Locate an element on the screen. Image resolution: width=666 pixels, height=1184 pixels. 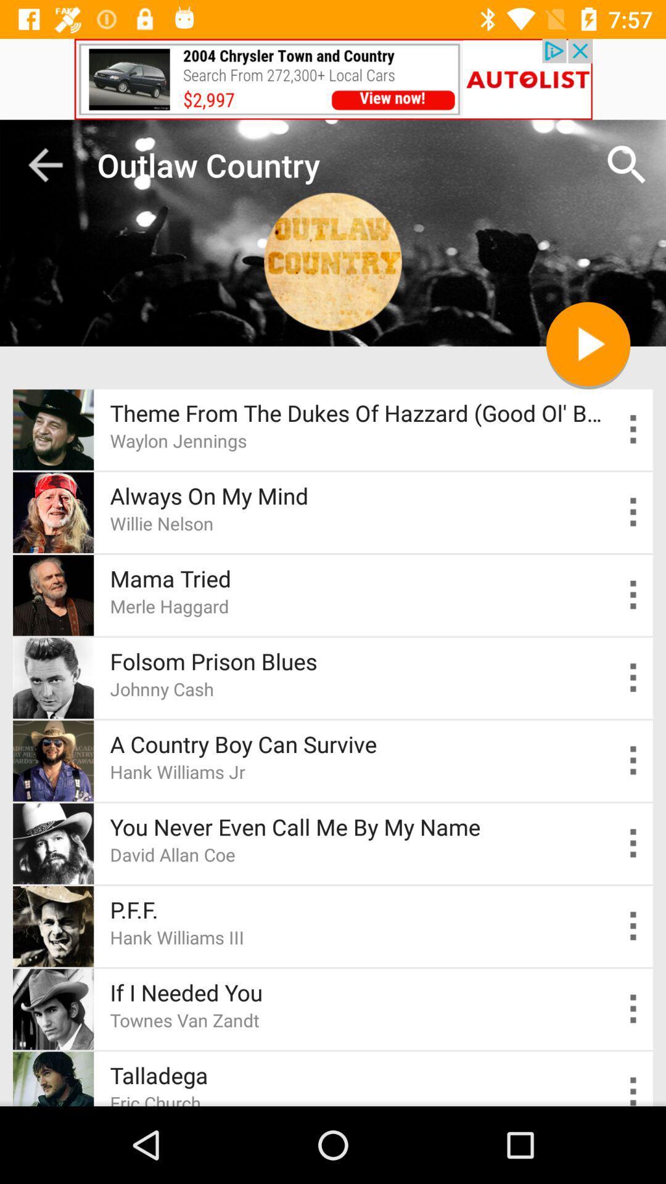
tune is located at coordinates (633, 1009).